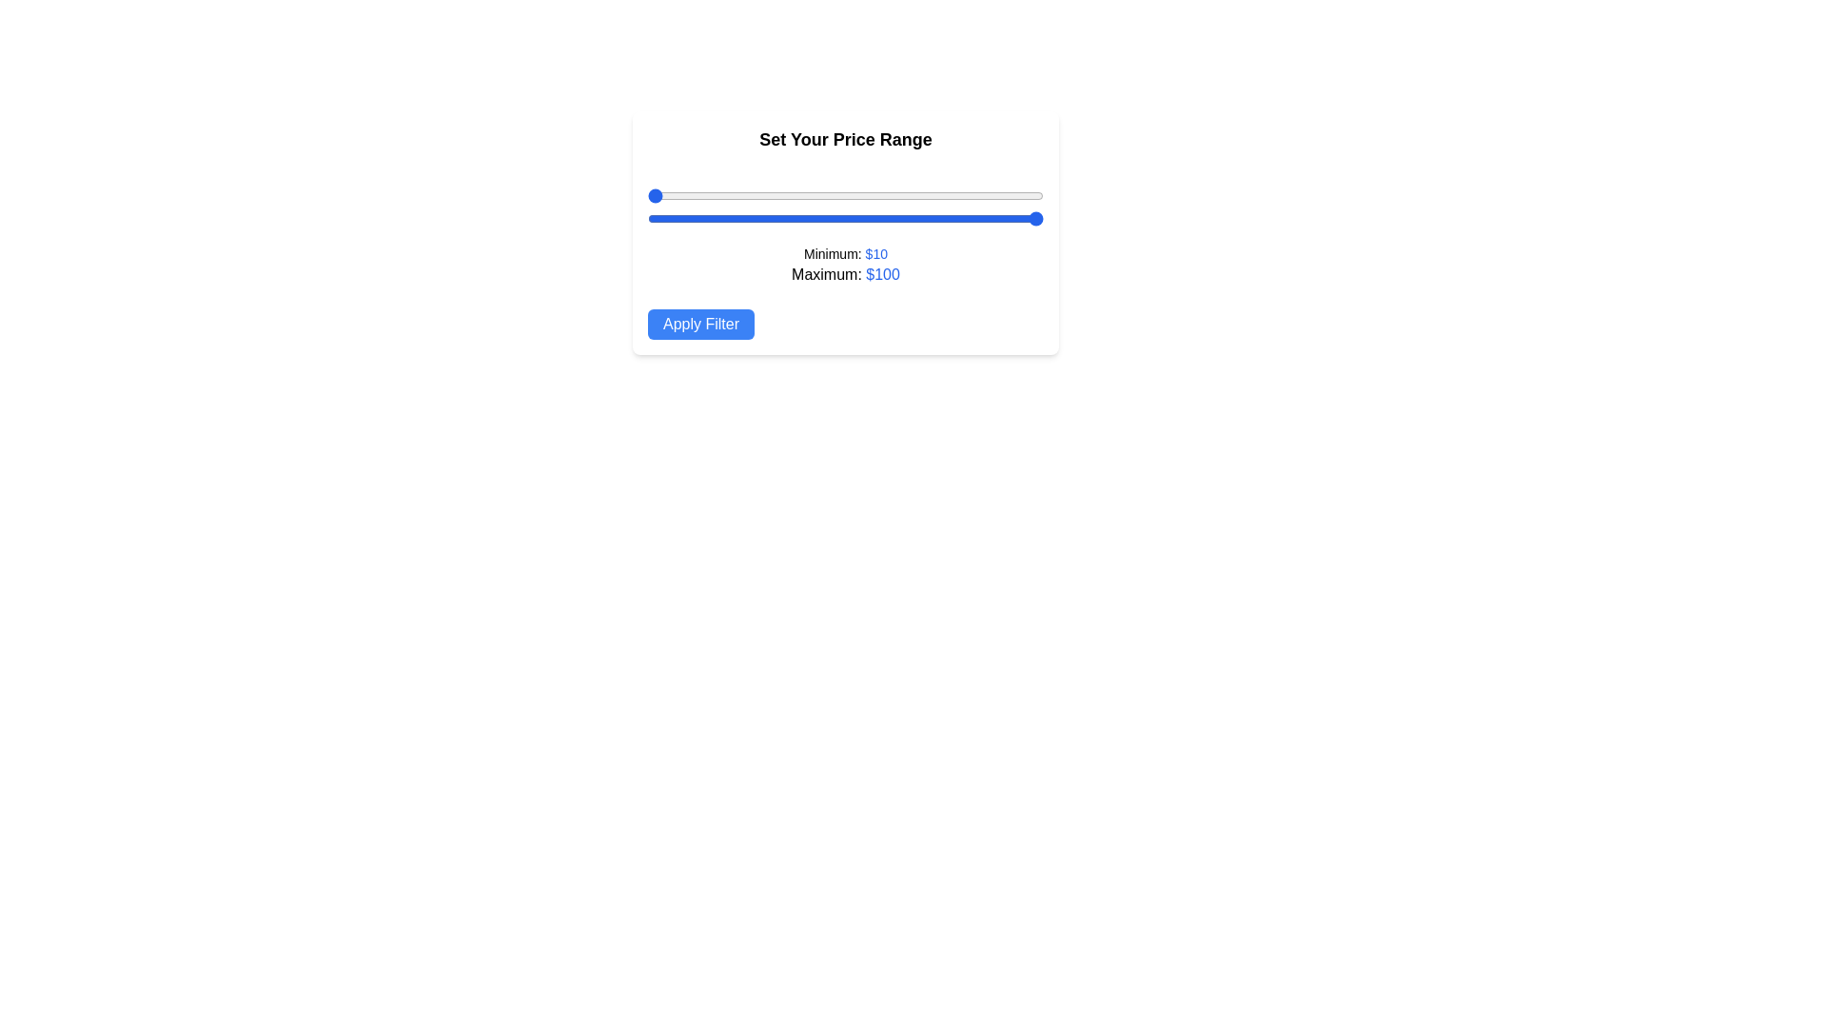  What do you see at coordinates (797, 195) in the screenshot?
I see `the slider position` at bounding box center [797, 195].